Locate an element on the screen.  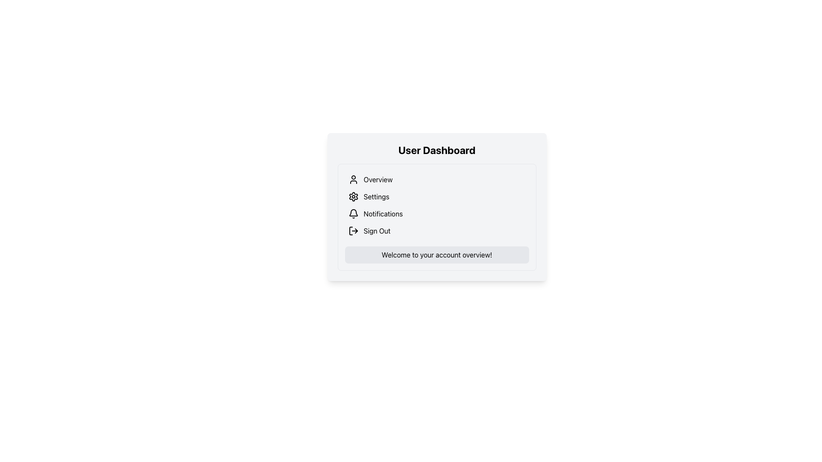
static text displaying 'Welcome to your account overview!' located at the bottom of the User Dashboard panel is located at coordinates (437, 255).